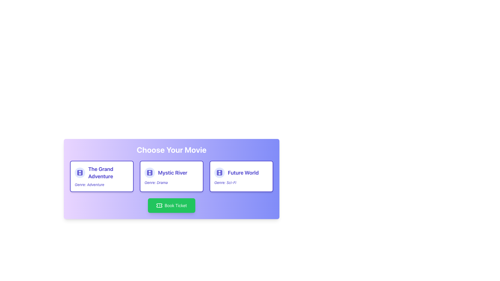 The width and height of the screenshot is (500, 281). I want to click on displayed title of the movie 'Future World' located in the bottom-right section of the interface, part of a selectable card layout, so click(243, 173).